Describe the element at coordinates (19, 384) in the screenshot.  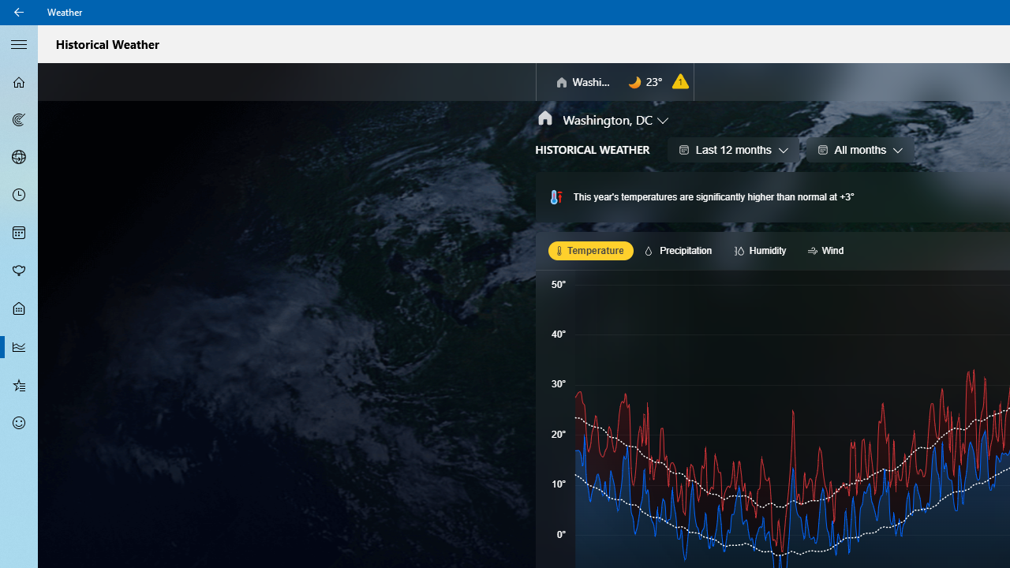
I see `'Favorites - Not Selected'` at that location.